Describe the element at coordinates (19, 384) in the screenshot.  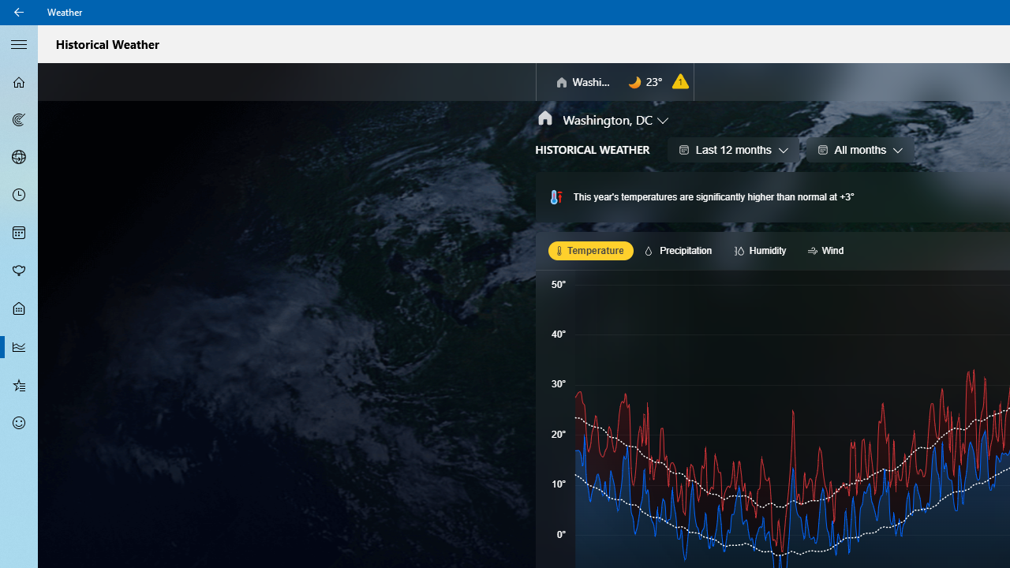
I see `'Favorites - Not Selected'` at that location.